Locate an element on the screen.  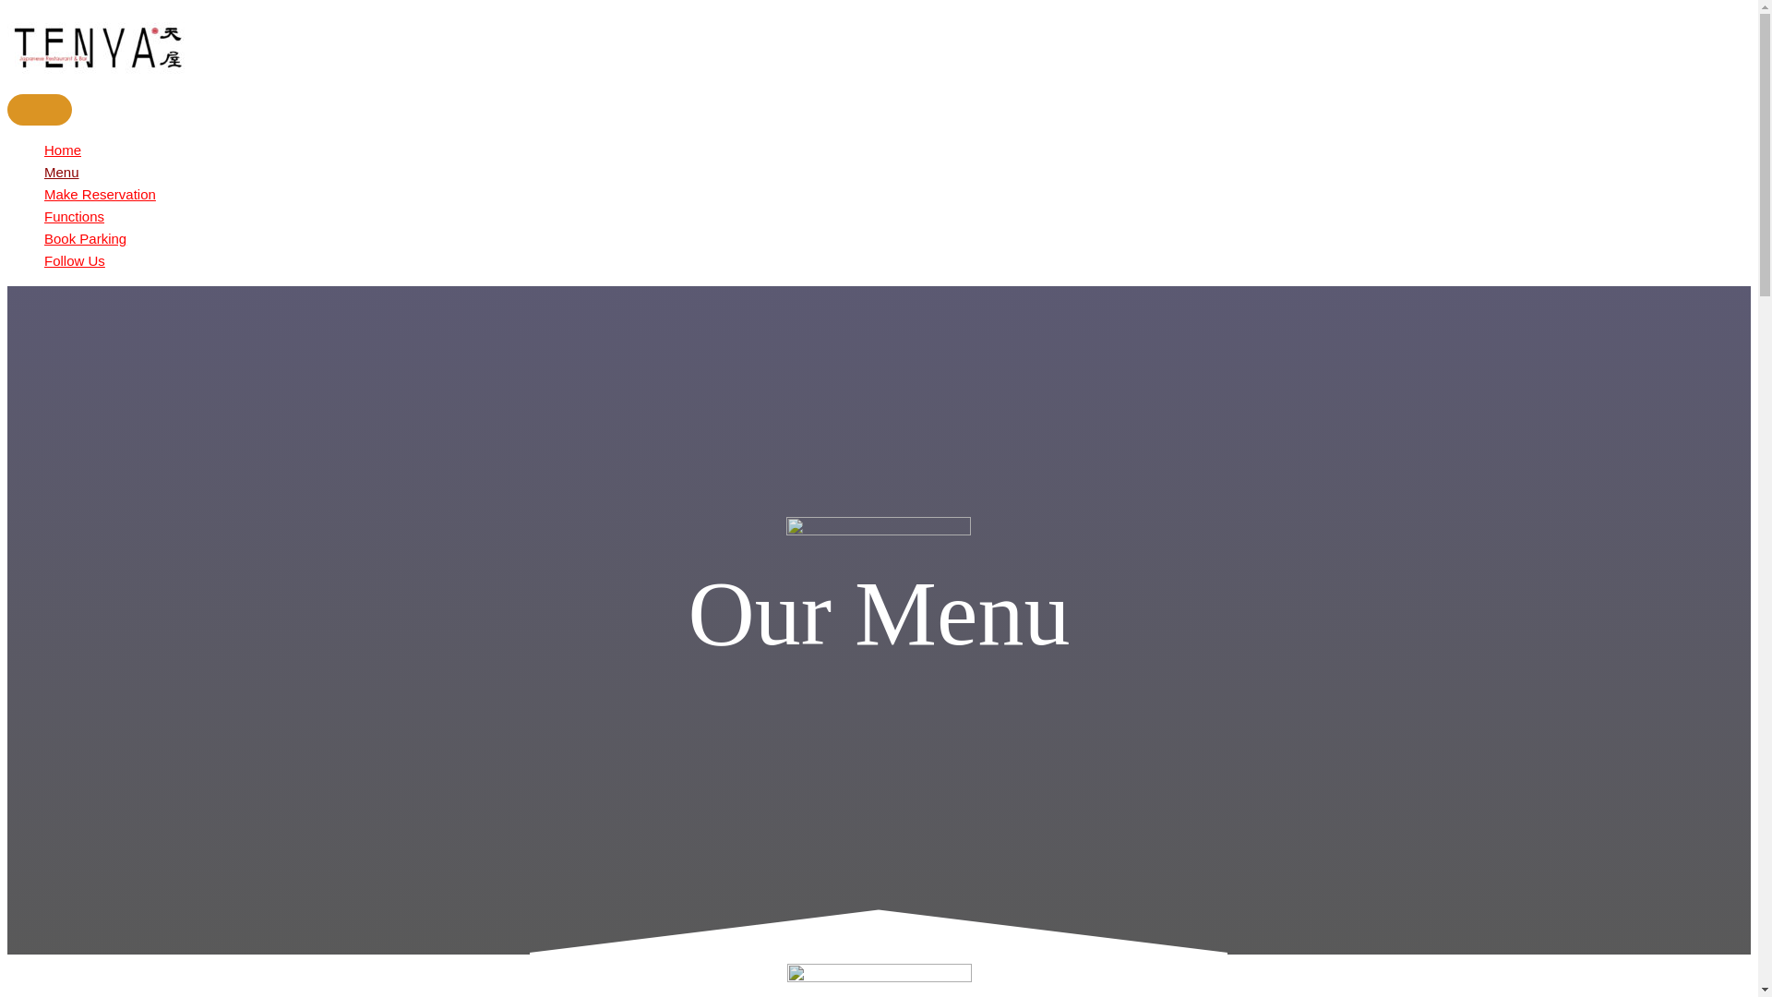
'Book Parking' is located at coordinates (598, 237).